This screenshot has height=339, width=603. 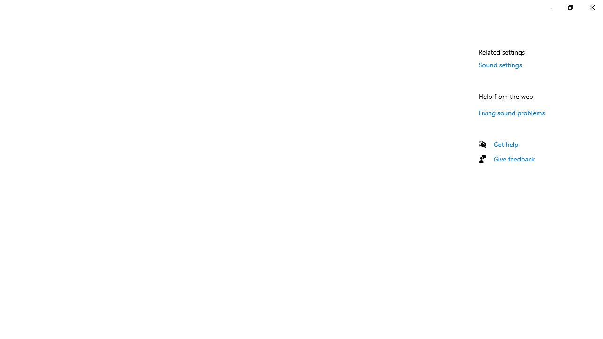 What do you see at coordinates (505, 144) in the screenshot?
I see `'Get help'` at bounding box center [505, 144].